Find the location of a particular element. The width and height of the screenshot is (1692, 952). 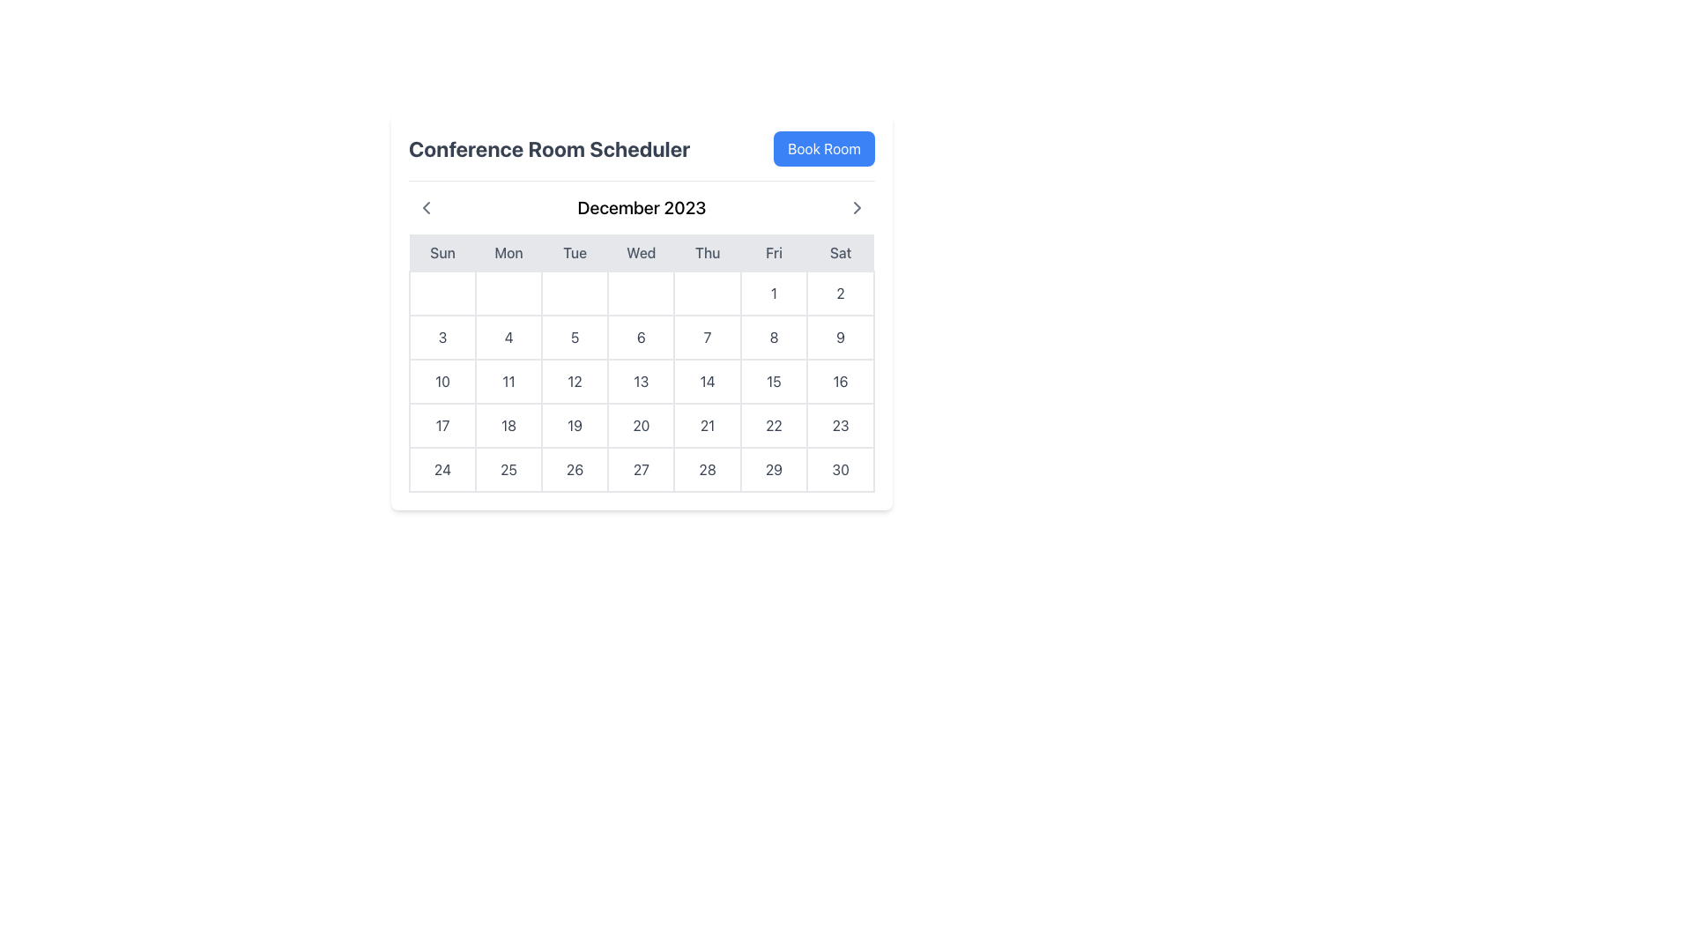

the Calendar Day Cell representing the day '23' is located at coordinates (840, 425).